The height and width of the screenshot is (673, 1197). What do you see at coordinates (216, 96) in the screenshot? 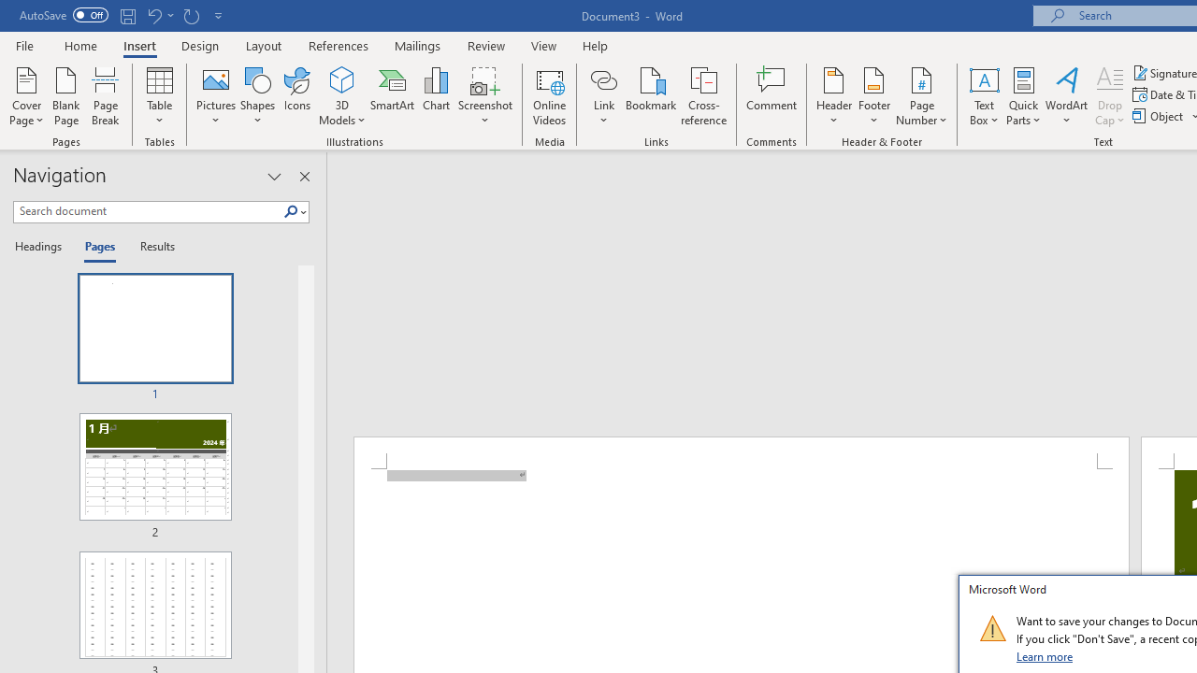
I see `'Pictures'` at bounding box center [216, 96].